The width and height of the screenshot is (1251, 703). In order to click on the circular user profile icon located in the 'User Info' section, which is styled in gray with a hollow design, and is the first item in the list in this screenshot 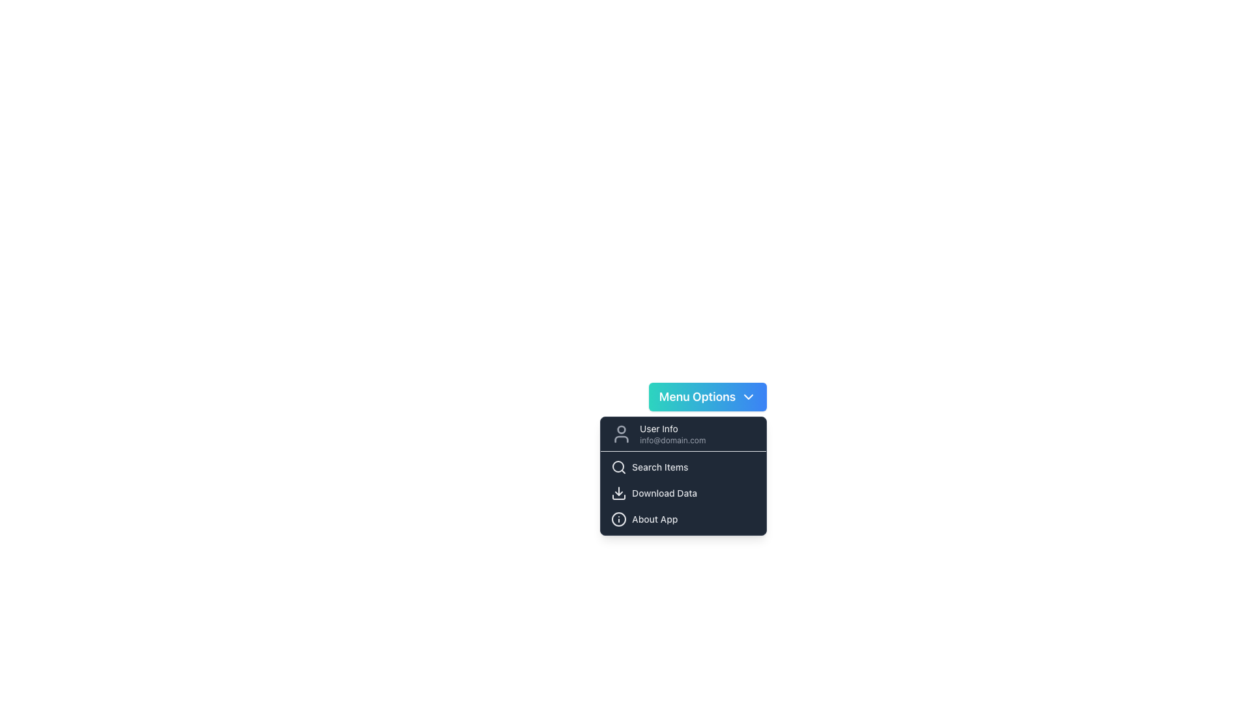, I will do `click(621, 434)`.